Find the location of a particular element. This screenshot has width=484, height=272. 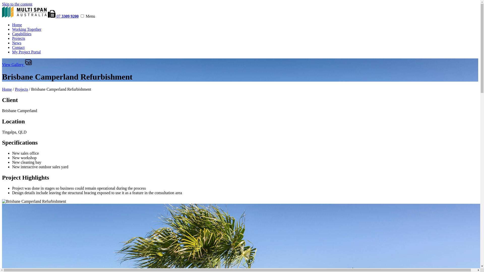

'Projects' is located at coordinates (18, 38).